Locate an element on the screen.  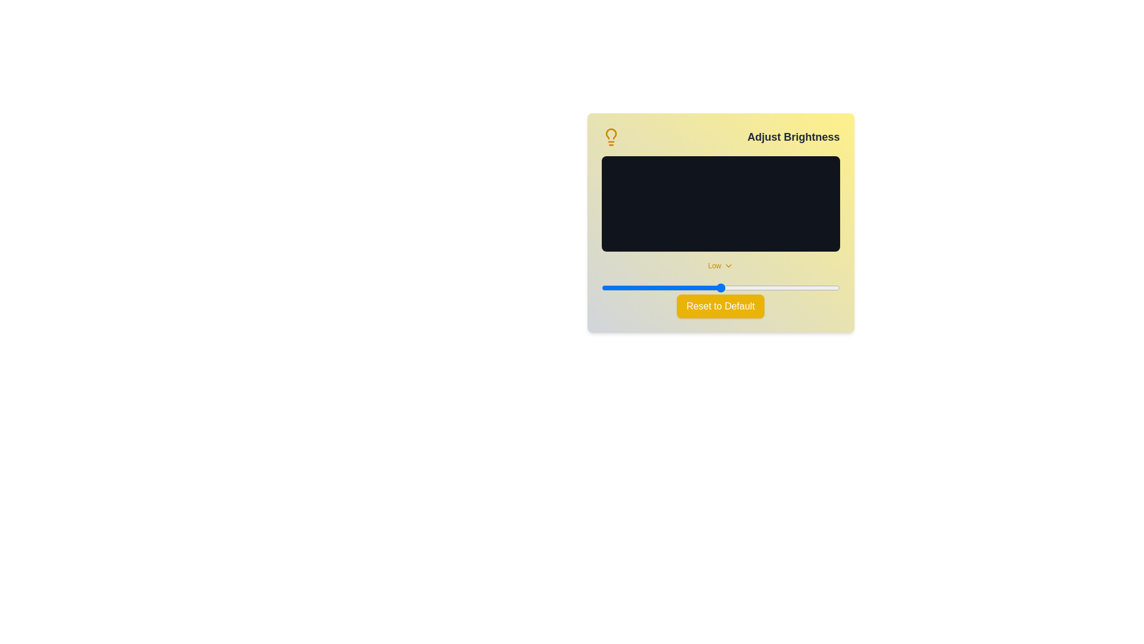
the brightness slider to 41 percent is located at coordinates (699, 287).